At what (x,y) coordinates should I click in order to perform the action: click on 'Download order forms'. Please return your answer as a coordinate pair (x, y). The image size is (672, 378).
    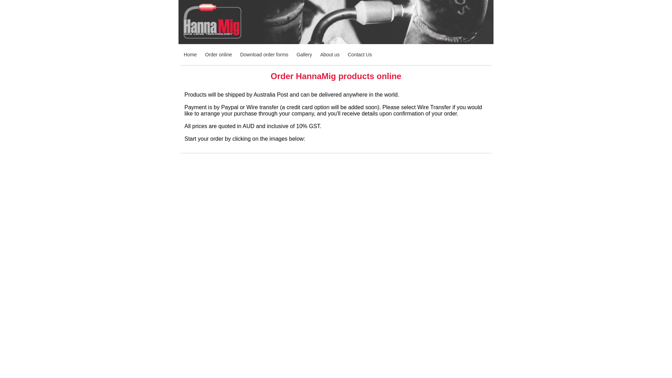
    Looking at the image, I should click on (264, 54).